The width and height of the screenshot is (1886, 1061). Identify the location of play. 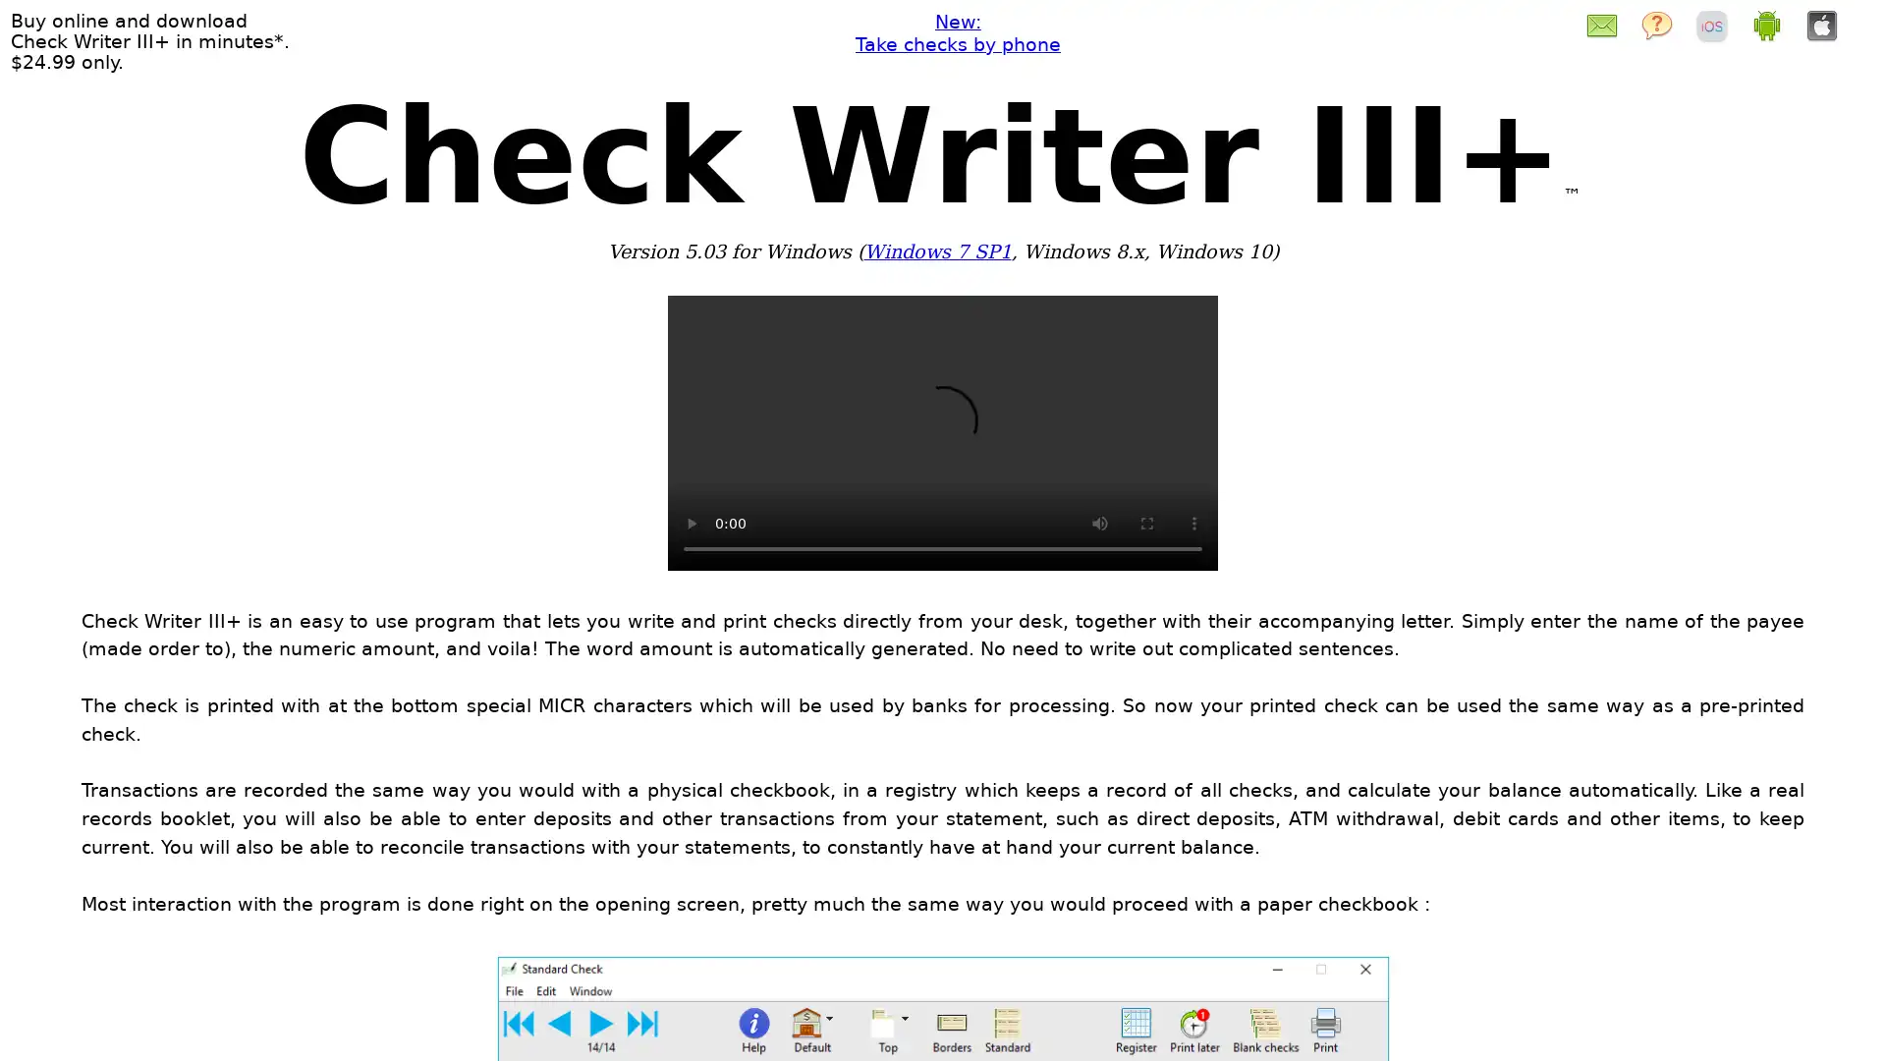
(692, 522).